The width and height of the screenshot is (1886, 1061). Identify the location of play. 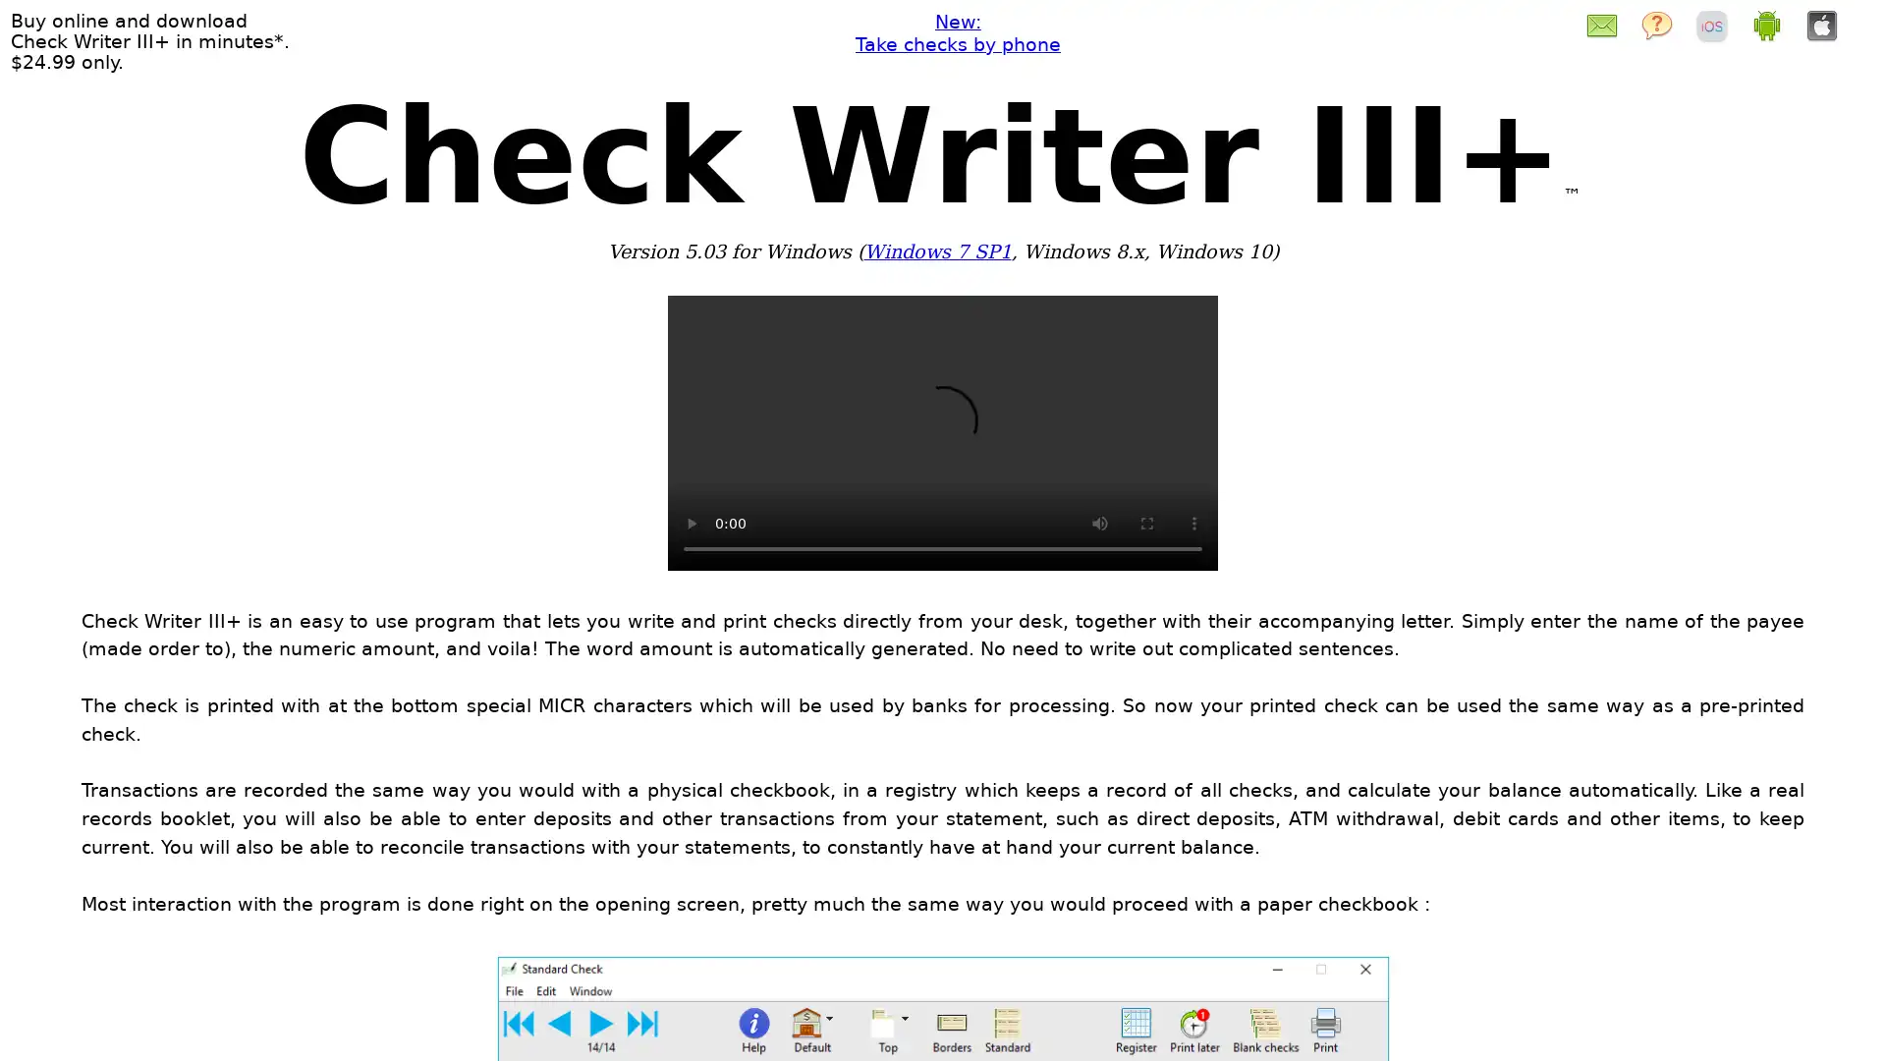
(692, 522).